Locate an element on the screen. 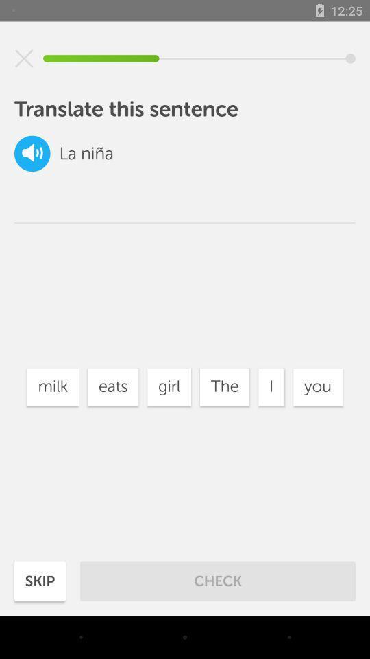  the icon below translate this sentence item is located at coordinates (225, 387).